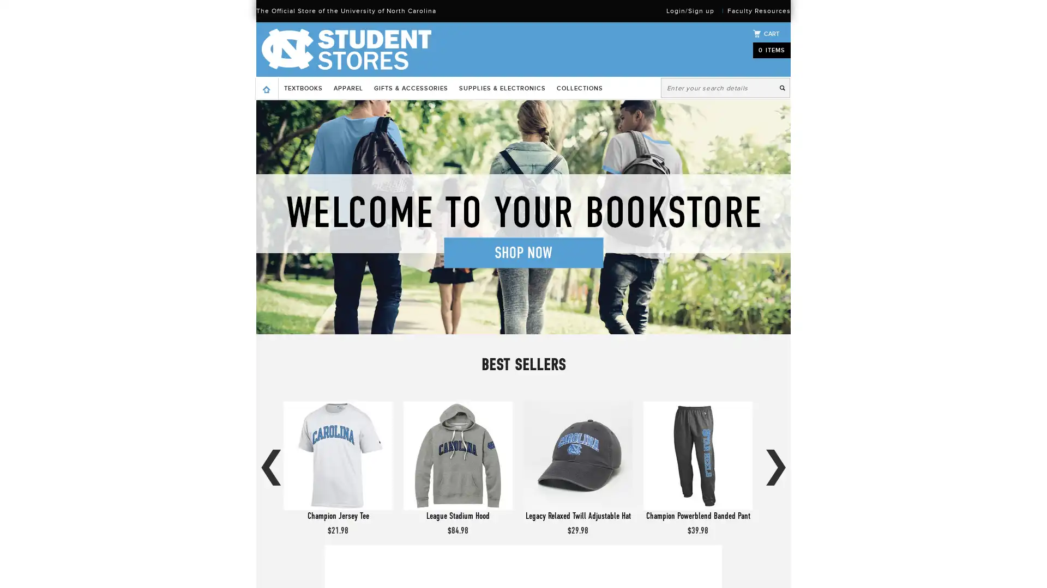 This screenshot has height=588, width=1047. Describe the element at coordinates (784, 87) in the screenshot. I see `Search` at that location.